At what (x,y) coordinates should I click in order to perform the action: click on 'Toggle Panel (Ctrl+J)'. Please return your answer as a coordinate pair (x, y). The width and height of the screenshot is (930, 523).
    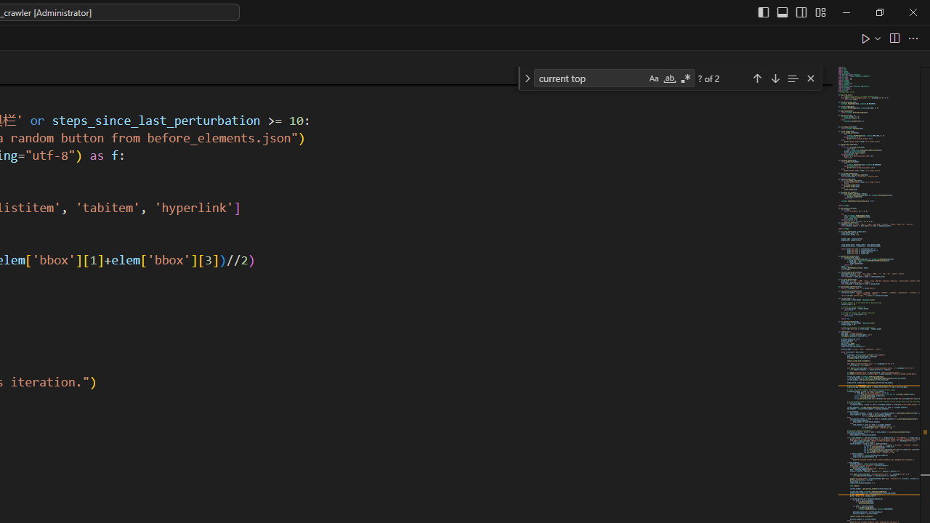
    Looking at the image, I should click on (782, 12).